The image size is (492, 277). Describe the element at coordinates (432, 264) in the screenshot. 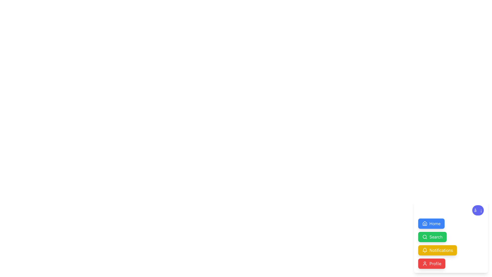

I see `the vibrant red 'Profile' button with white text and a person icon to observe its hover effect` at that location.